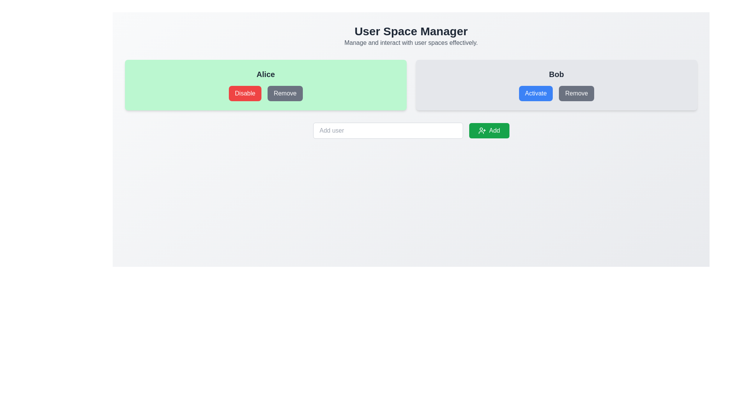 The width and height of the screenshot is (736, 414). I want to click on the Text Label that reads 'Manage and interact with user spaces effectively.', which is styled in gray and positioned centrally below the 'User Space Manager' heading, so click(411, 43).